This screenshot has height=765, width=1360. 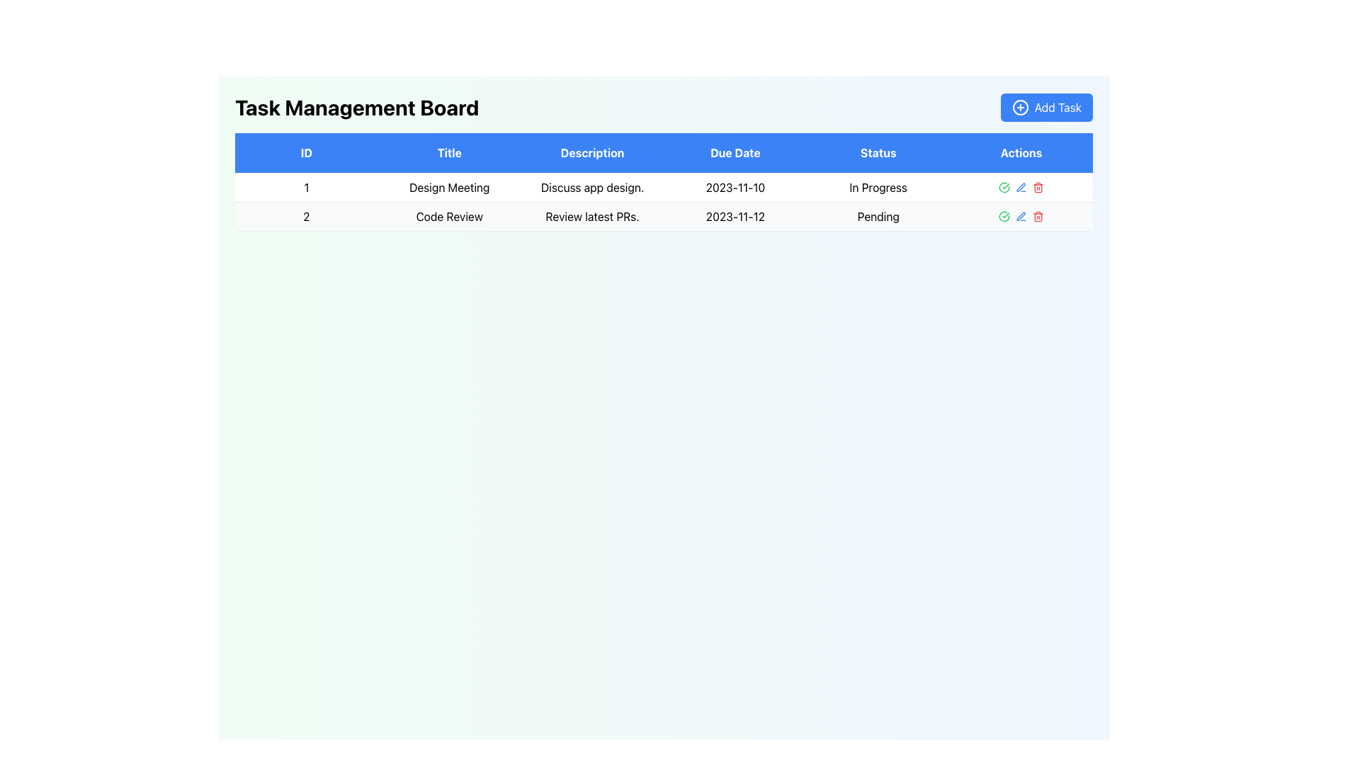 What do you see at coordinates (878, 153) in the screenshot?
I see `the blue rectangular Table Header Cell containing the bold, white text 'Status', which is the fifth header in the table row` at bounding box center [878, 153].